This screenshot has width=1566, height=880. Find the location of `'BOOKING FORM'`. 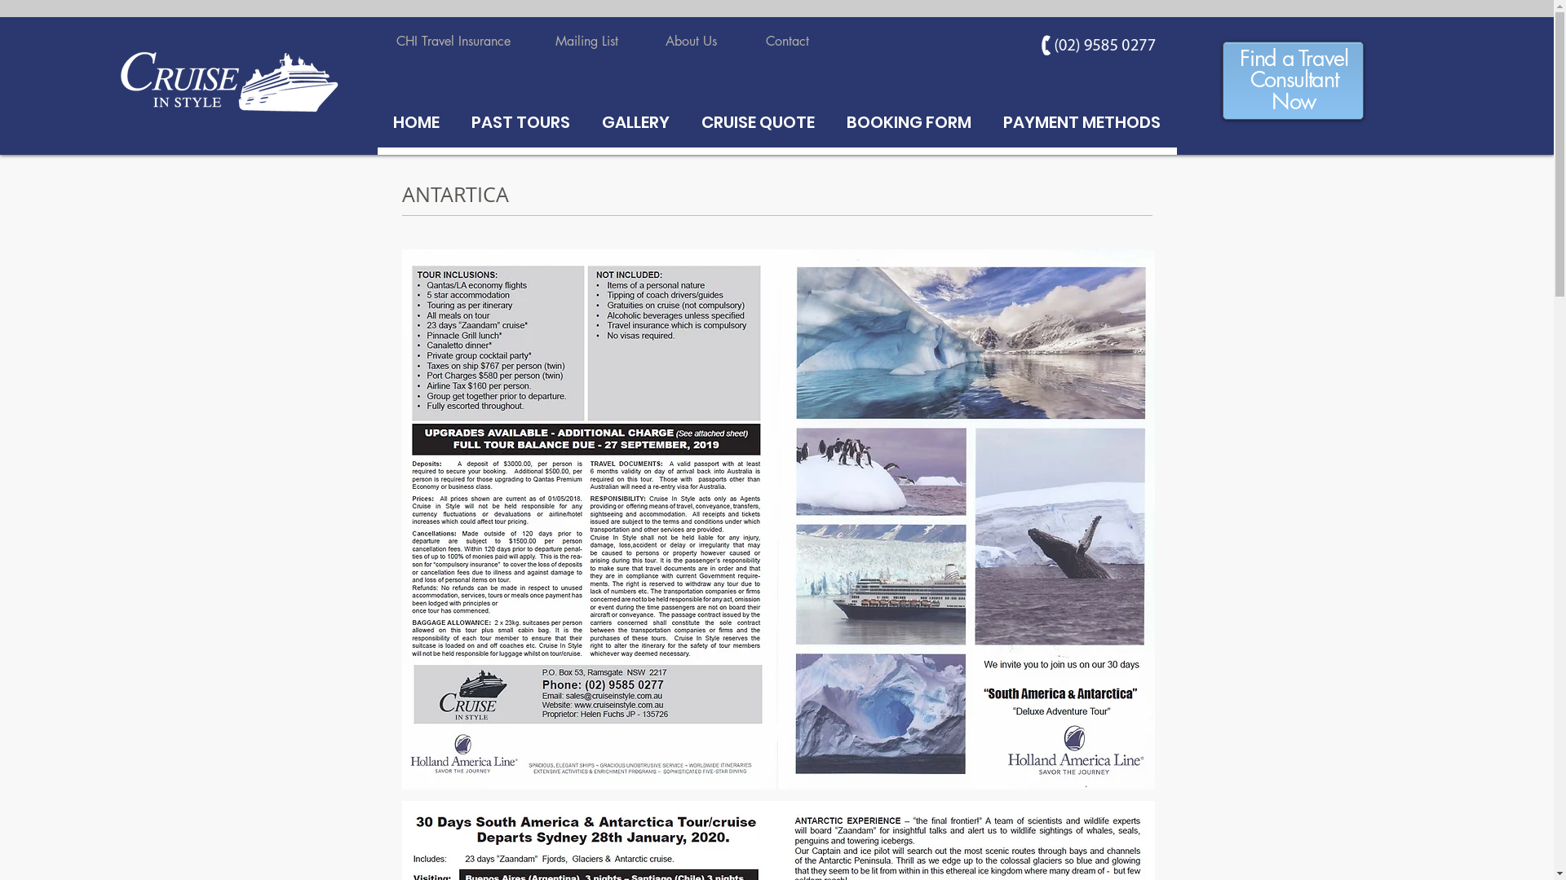

'BOOKING FORM' is located at coordinates (907, 121).